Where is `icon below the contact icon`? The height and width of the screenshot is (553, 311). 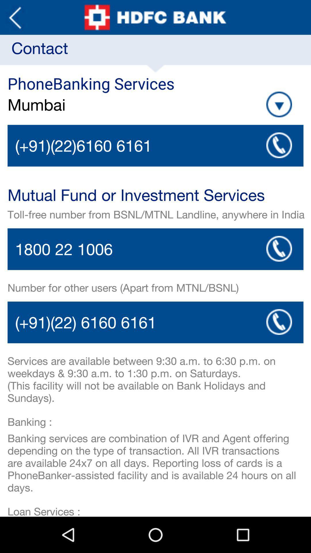
icon below the contact icon is located at coordinates (279, 104).